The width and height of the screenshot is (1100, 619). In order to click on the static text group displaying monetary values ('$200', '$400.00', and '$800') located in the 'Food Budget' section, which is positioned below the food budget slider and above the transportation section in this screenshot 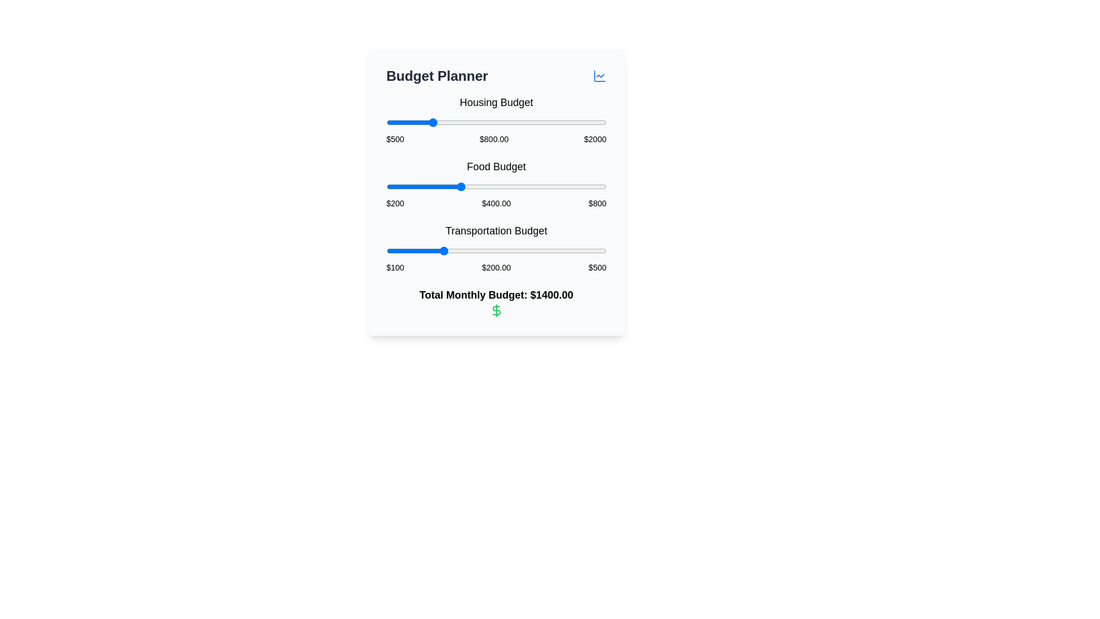, I will do `click(496, 202)`.